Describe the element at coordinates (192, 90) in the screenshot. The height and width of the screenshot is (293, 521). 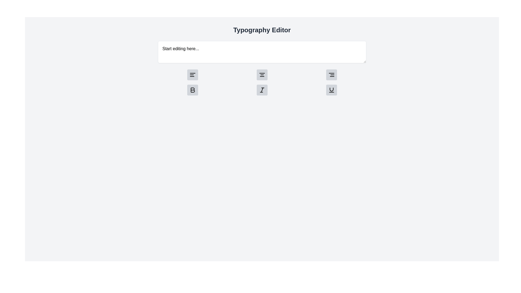
I see `the second button in the formatting tools row, which toggles bold formatting for selected text` at that location.